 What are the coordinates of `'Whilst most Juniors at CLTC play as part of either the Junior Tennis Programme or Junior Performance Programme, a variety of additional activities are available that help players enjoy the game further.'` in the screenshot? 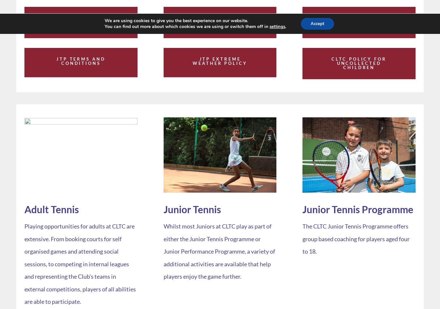 It's located at (219, 251).